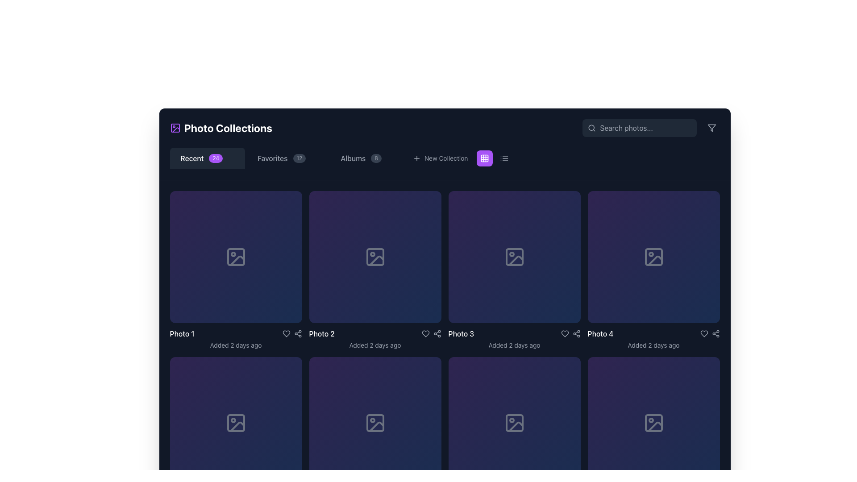 The height and width of the screenshot is (482, 857). I want to click on the Text label that describes the image titled 'Photo 2', which indicates it was 'Added 2 days ago', located in the bottom part of the central tile in the second row of the photo gallery grid, so click(375, 339).